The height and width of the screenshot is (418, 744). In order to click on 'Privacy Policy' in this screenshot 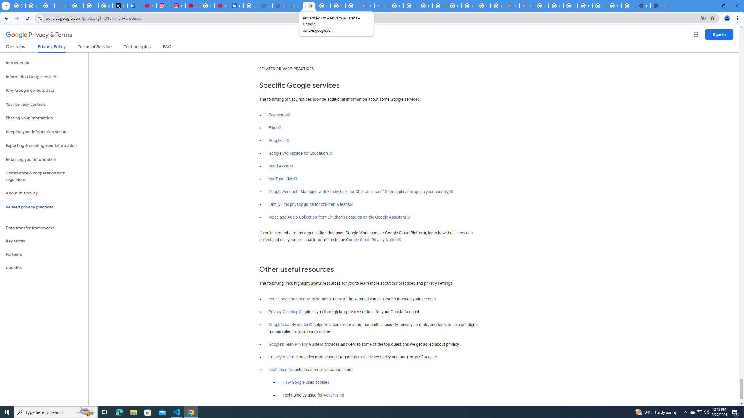, I will do `click(51, 48)`.